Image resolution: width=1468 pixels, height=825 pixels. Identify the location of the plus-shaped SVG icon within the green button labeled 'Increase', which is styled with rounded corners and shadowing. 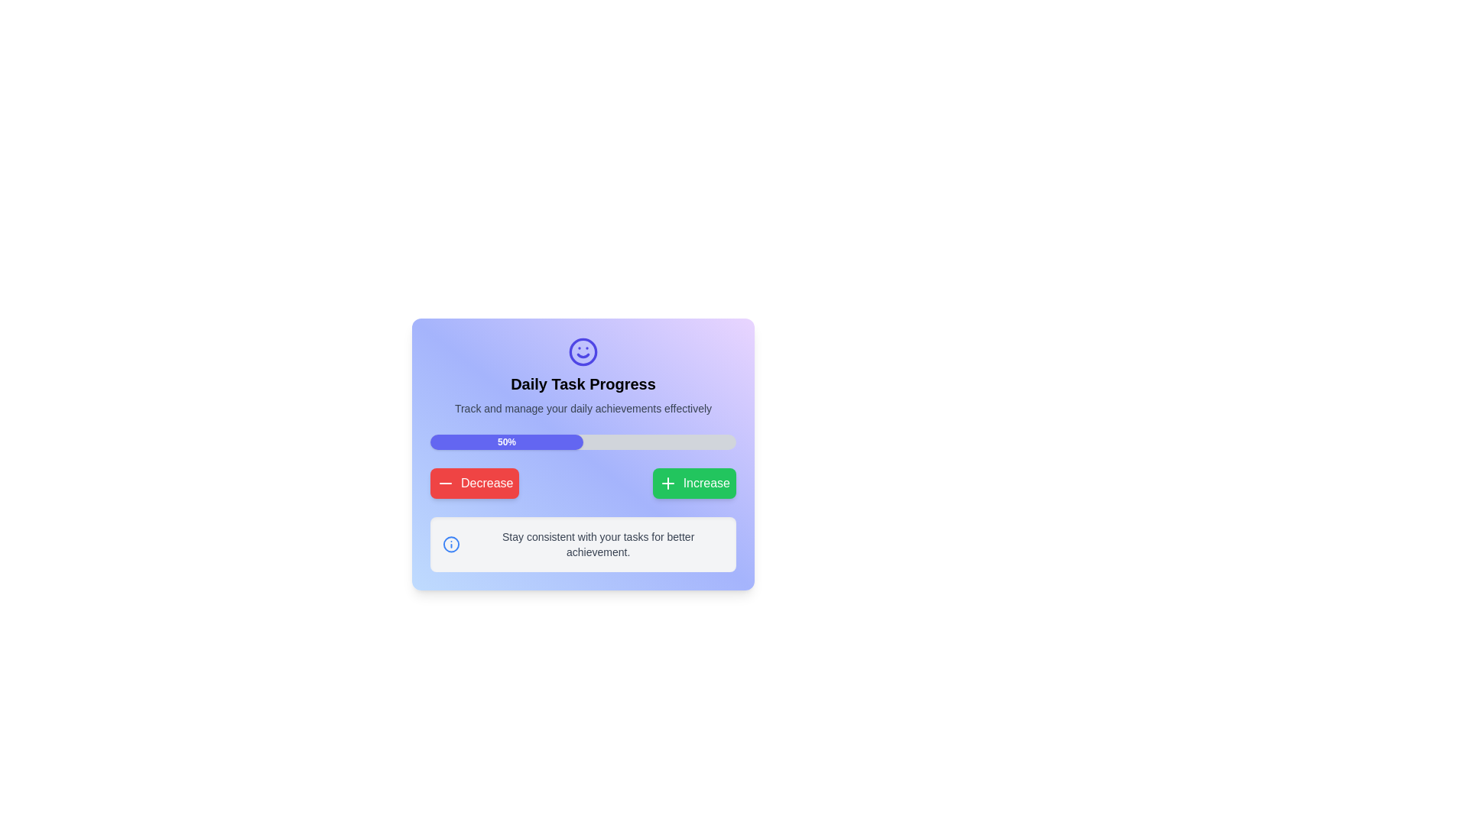
(667, 483).